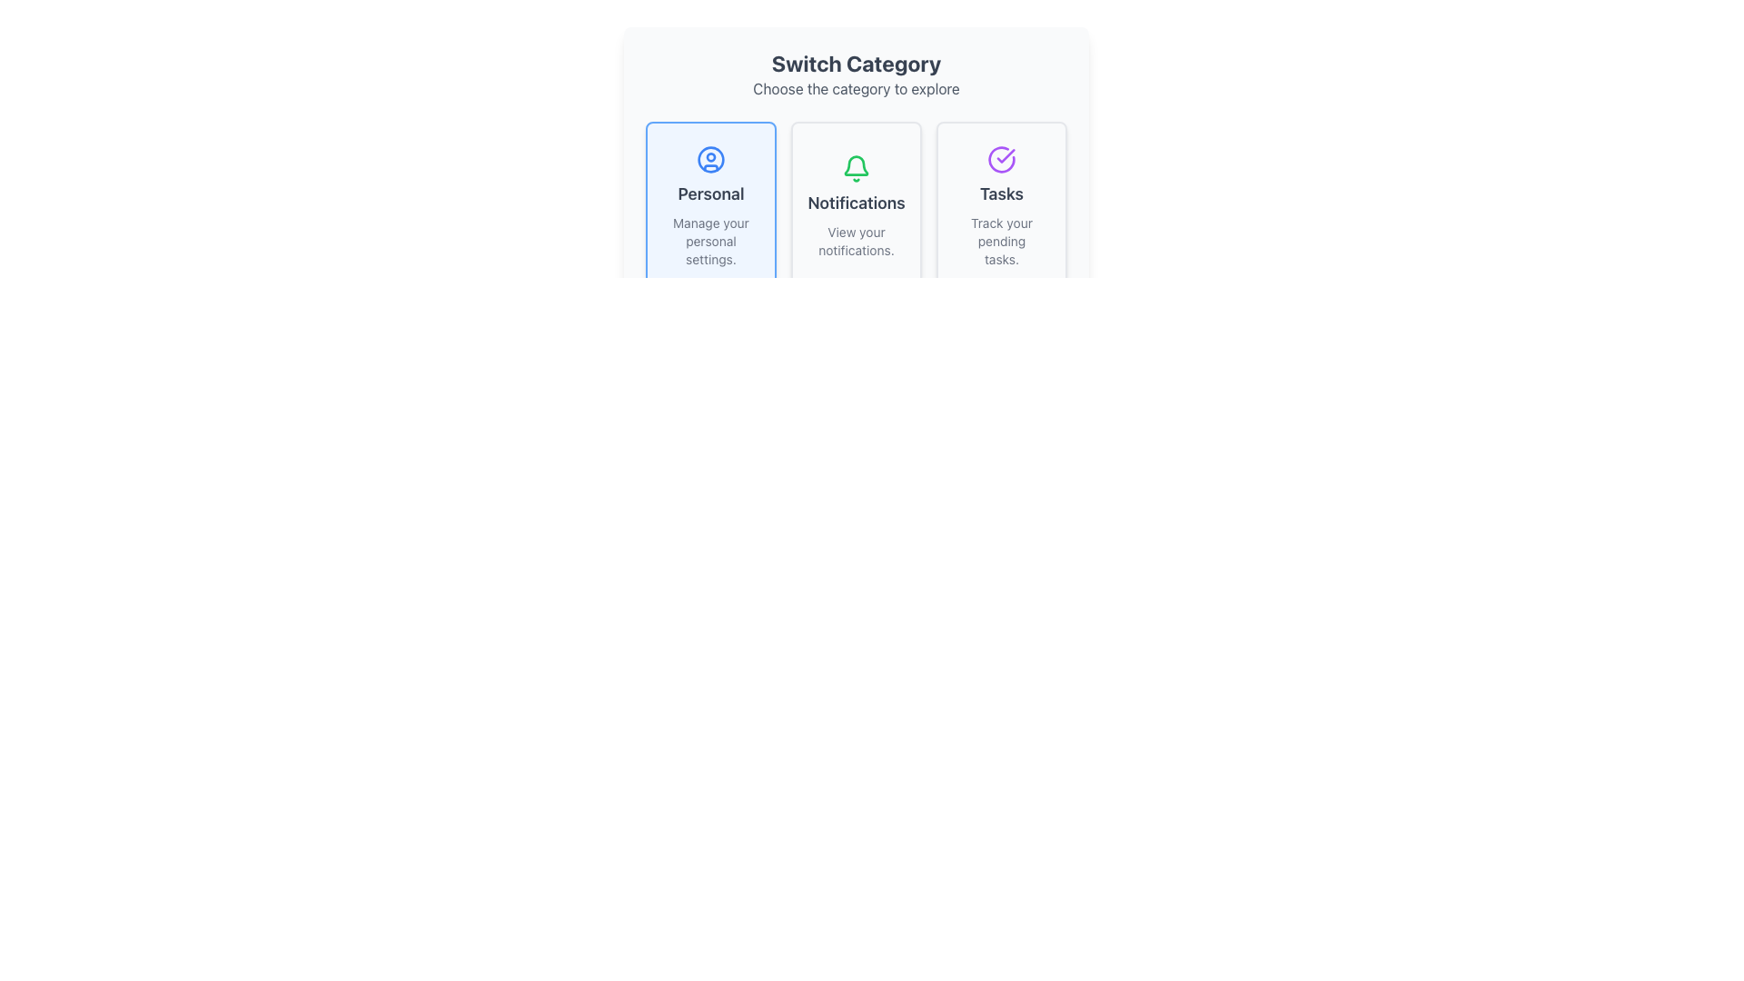 Image resolution: width=1744 pixels, height=981 pixels. Describe the element at coordinates (1001, 205) in the screenshot. I see `the rectangular card component labeled 'Tasks', which features a purple checkmark icon and is located in the rightmost column of a three-column grid layout` at that location.